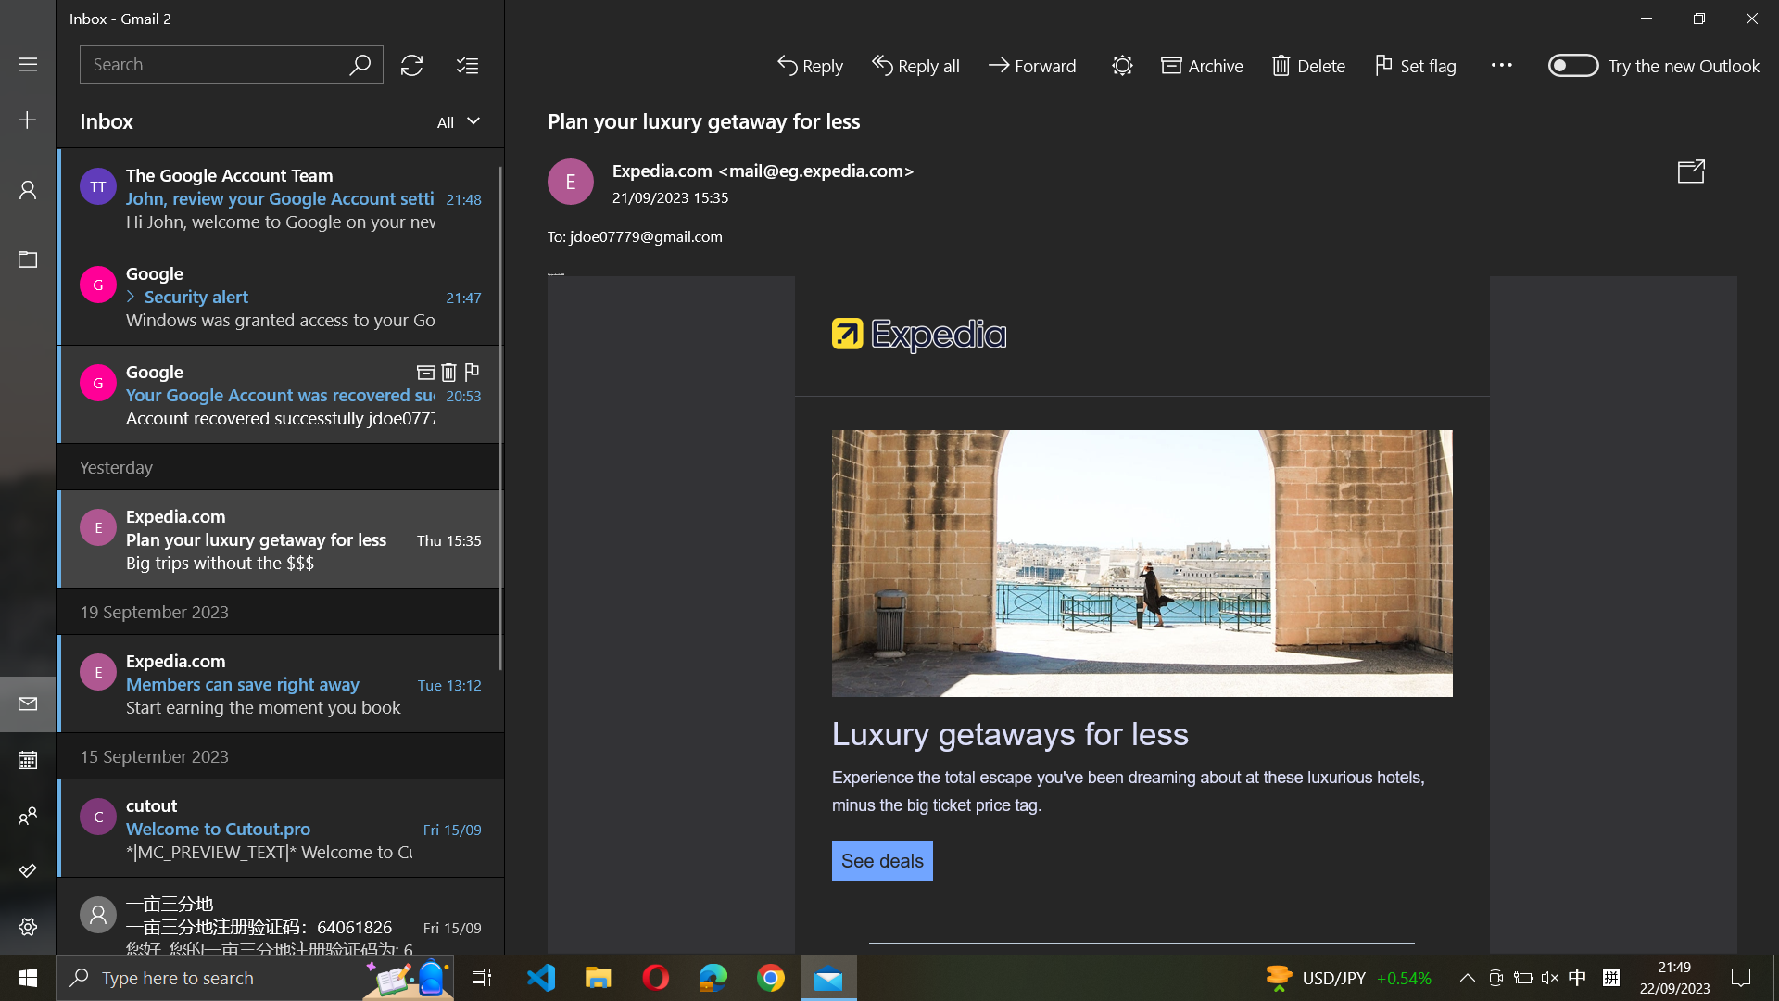 The image size is (1779, 1001). What do you see at coordinates (278, 537) in the screenshot?
I see `Forward yesterday"s email from Expedia.com` at bounding box center [278, 537].